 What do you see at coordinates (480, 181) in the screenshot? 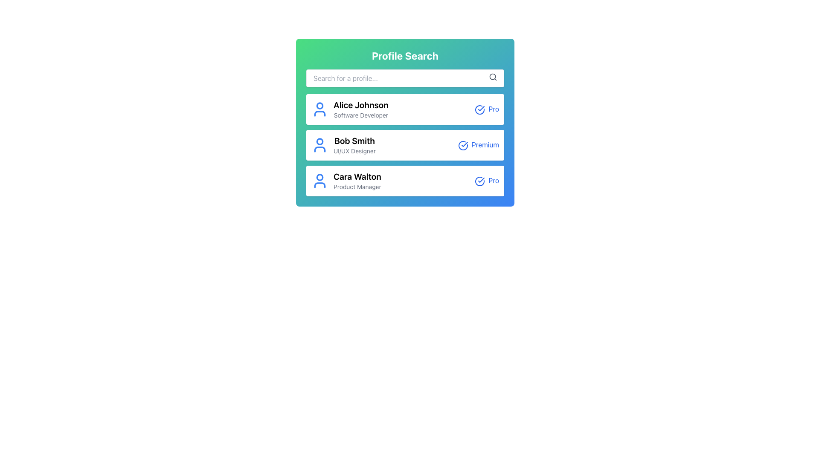
I see `the circular checkmark icon located to the right of 'Cara Walton' and above the 'Pro' text in the profile search section` at bounding box center [480, 181].